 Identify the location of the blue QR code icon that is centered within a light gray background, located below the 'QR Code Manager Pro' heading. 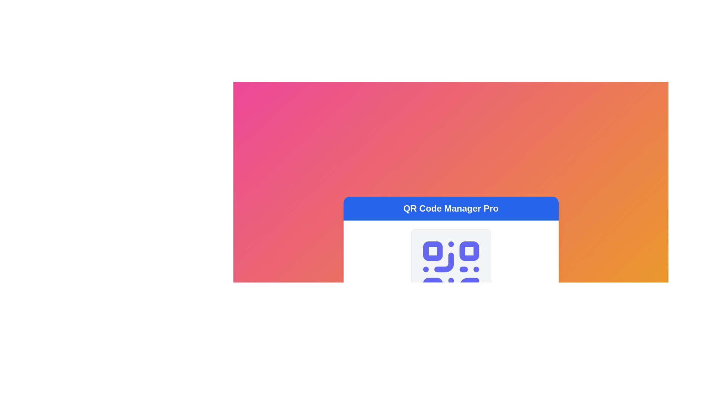
(450, 269).